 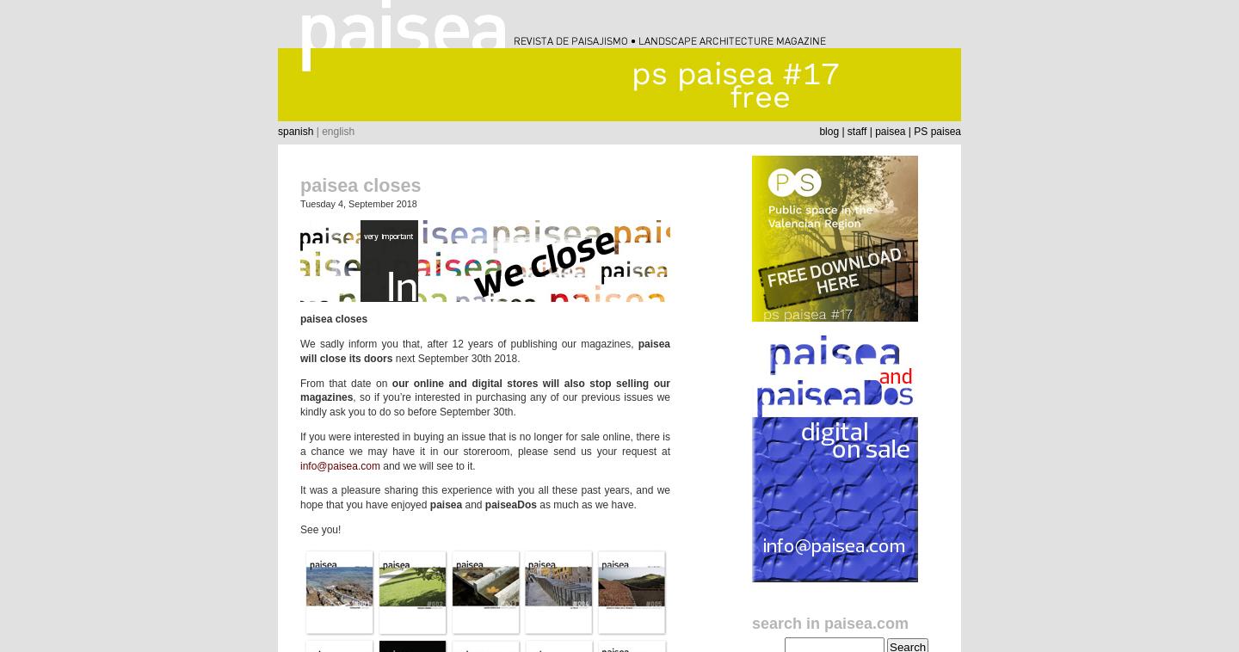 What do you see at coordinates (855, 130) in the screenshot?
I see `'staff'` at bounding box center [855, 130].